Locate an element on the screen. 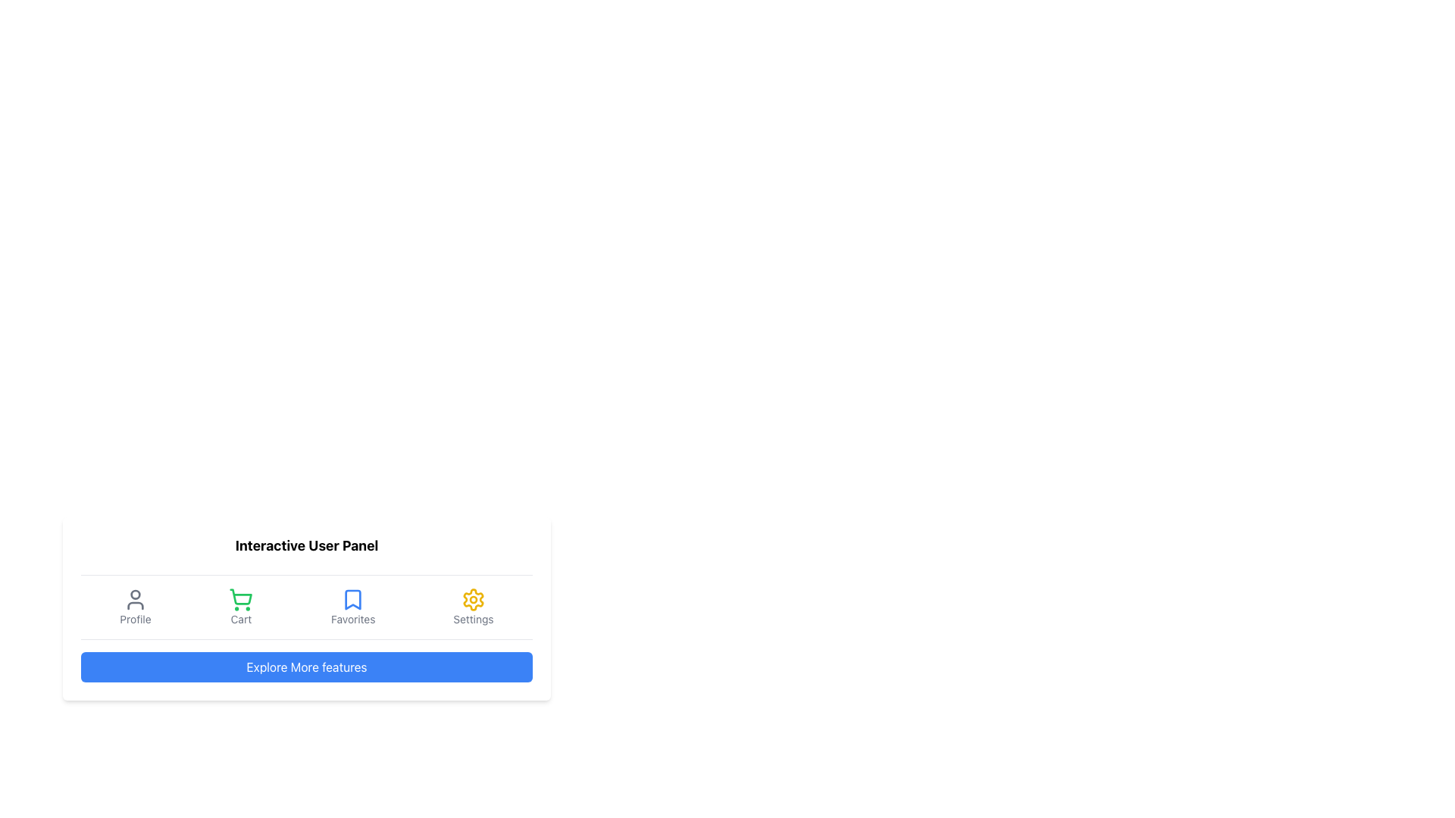 Image resolution: width=1455 pixels, height=818 pixels. the blue bookmark-shaped icon, which is the third icon from the left in the interactive panel, located between the green shopping cart icon and the yellow gear icon is located at coordinates (352, 598).